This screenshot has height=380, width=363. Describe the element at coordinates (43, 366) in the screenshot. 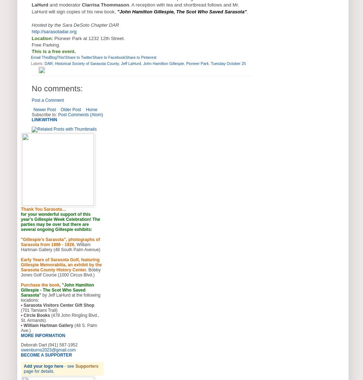

I see `'Add your logo here'` at that location.